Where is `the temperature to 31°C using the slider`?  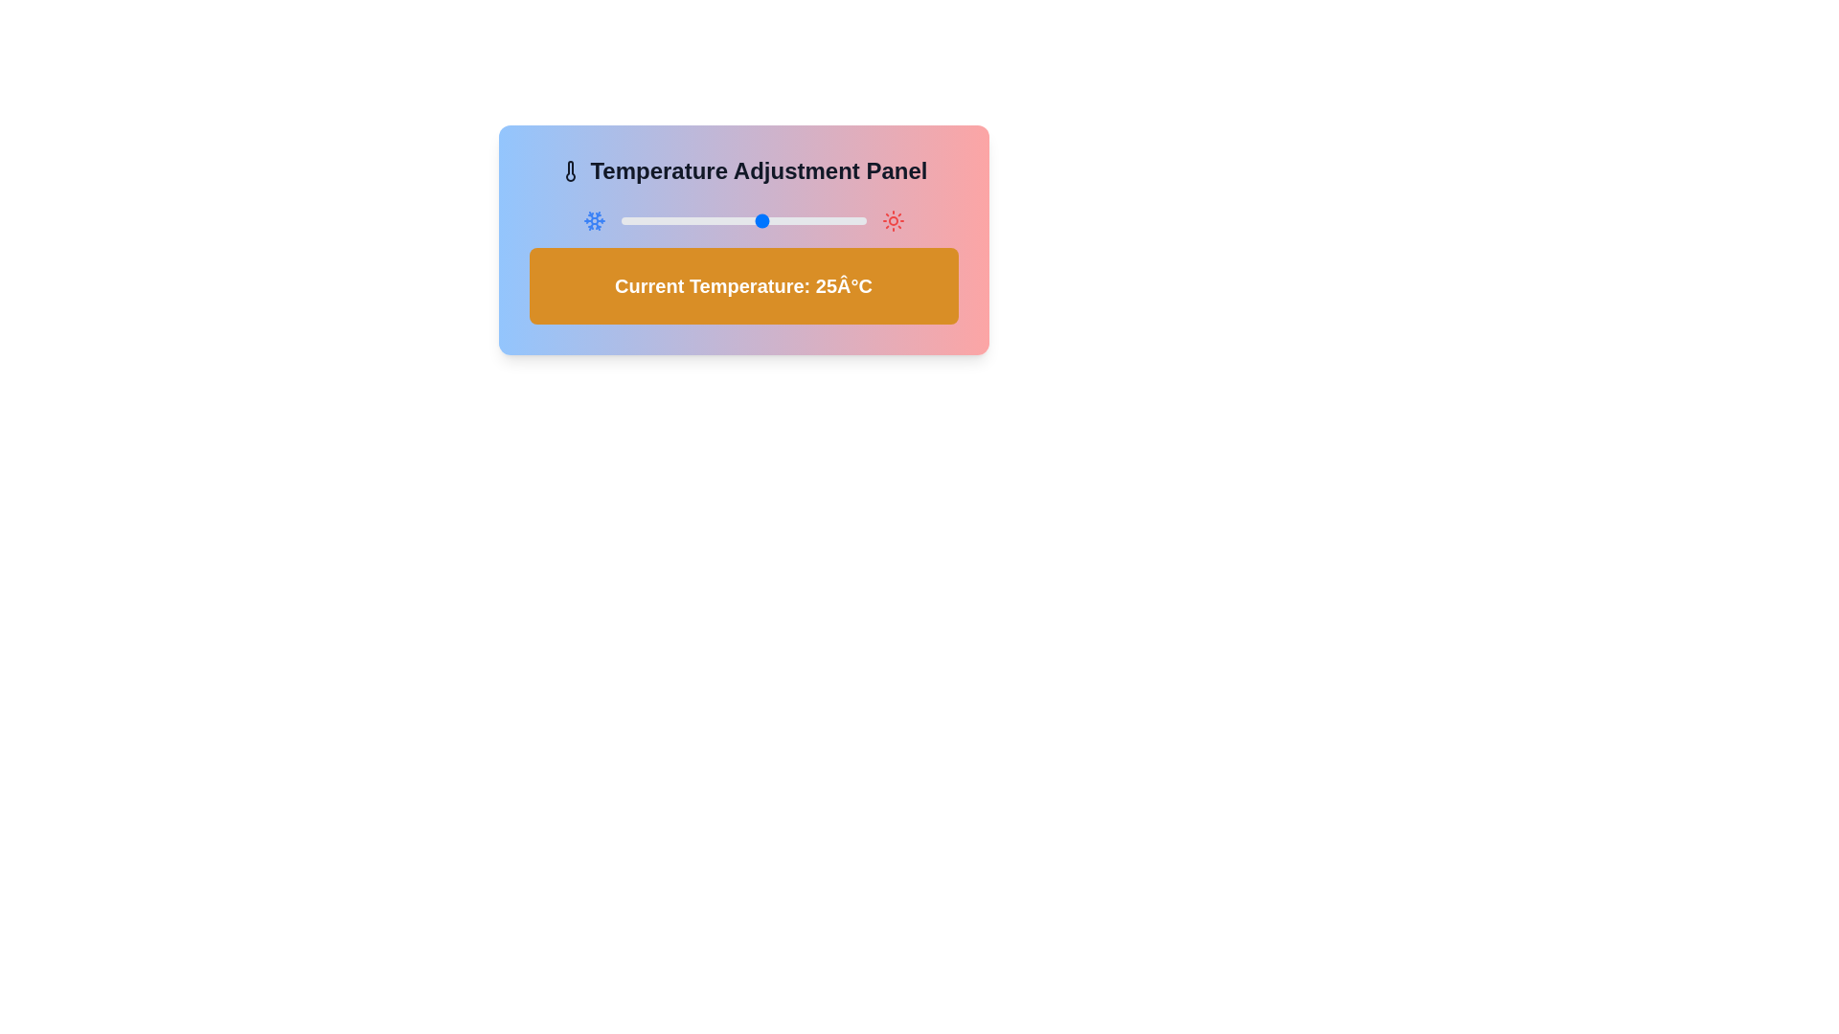
the temperature to 31°C using the slider is located at coordinates (788, 220).